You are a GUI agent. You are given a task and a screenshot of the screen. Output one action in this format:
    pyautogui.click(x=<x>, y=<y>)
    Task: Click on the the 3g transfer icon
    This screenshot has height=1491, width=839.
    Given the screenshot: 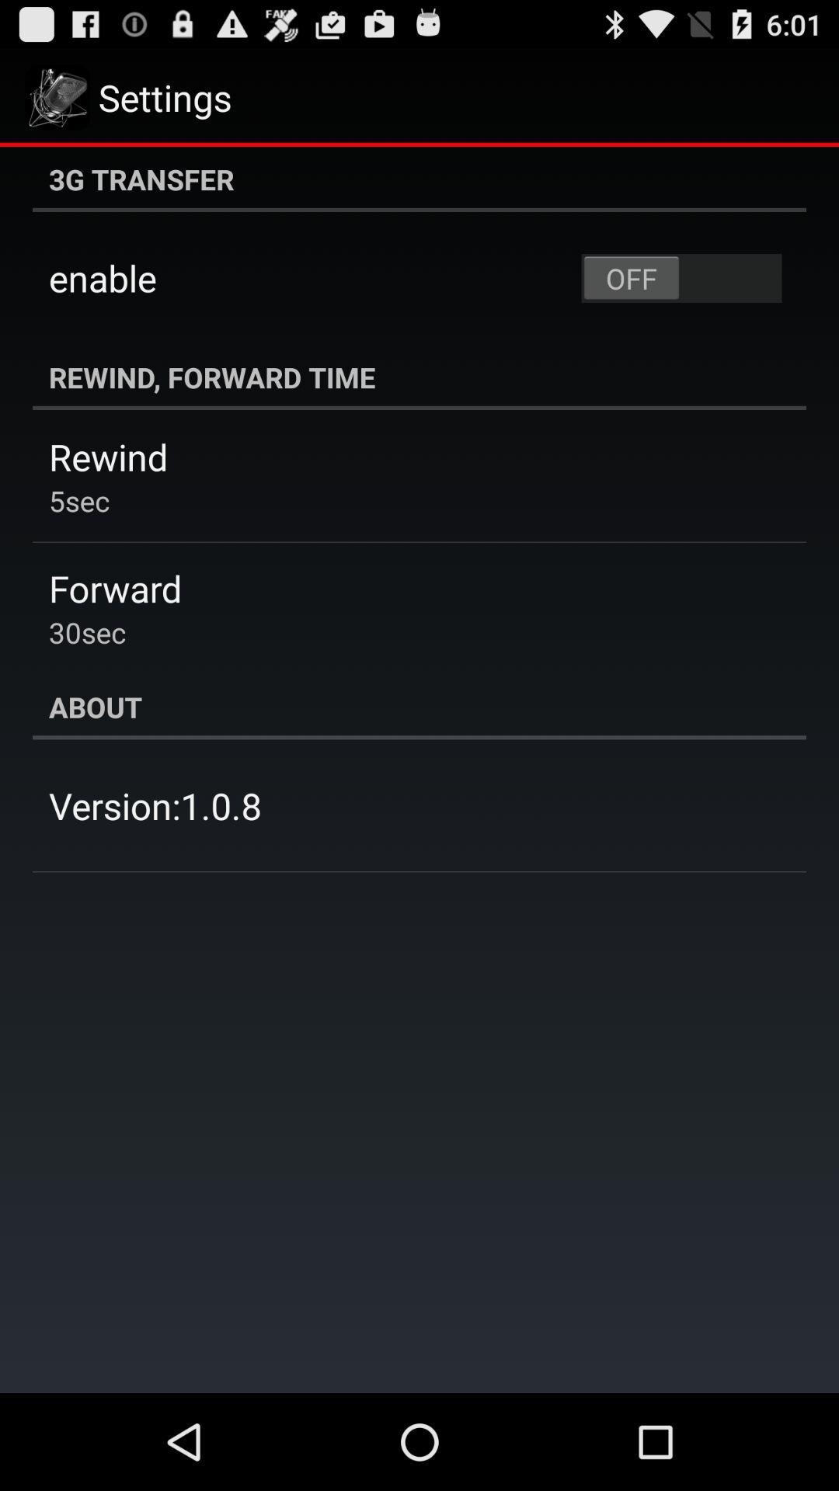 What is the action you would take?
    pyautogui.click(x=419, y=179)
    